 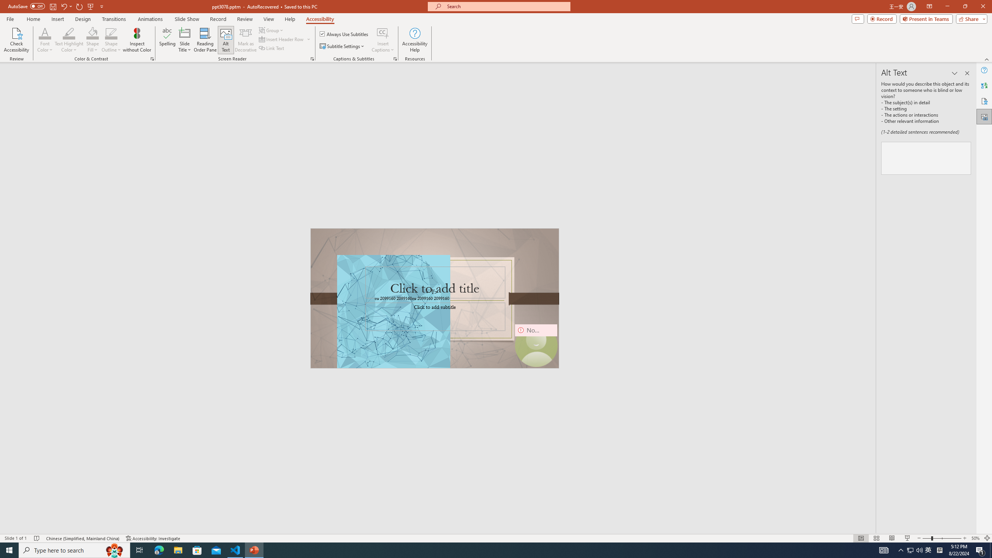 I want to click on 'Shape Fill', so click(x=93, y=33).